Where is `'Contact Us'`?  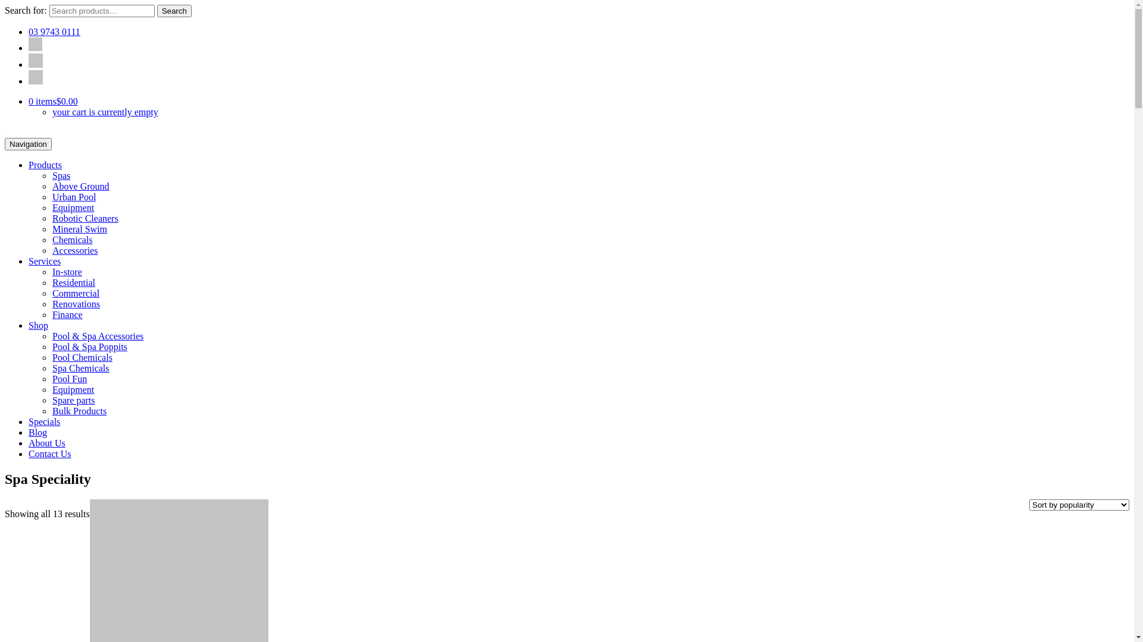 'Contact Us' is located at coordinates (49, 454).